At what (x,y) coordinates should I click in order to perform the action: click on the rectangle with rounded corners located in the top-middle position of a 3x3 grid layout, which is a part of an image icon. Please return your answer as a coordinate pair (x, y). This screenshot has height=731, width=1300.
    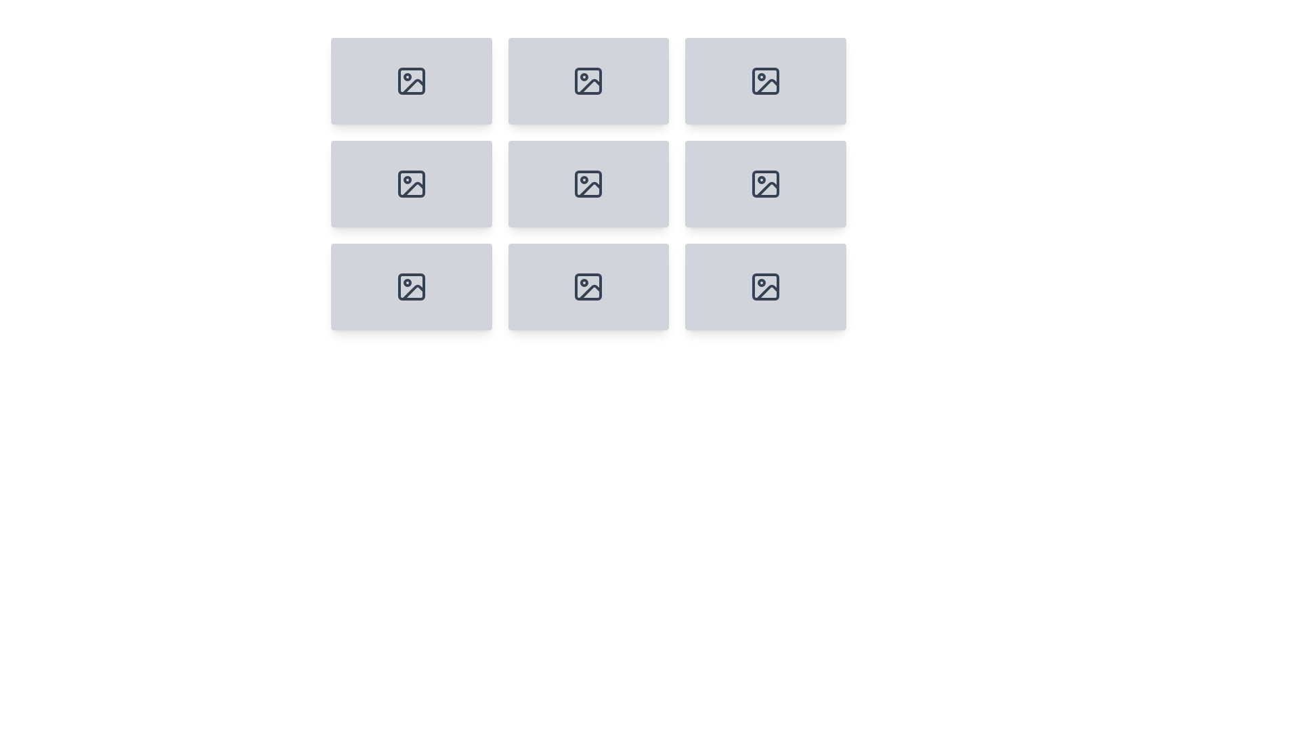
    Looking at the image, I should click on (588, 81).